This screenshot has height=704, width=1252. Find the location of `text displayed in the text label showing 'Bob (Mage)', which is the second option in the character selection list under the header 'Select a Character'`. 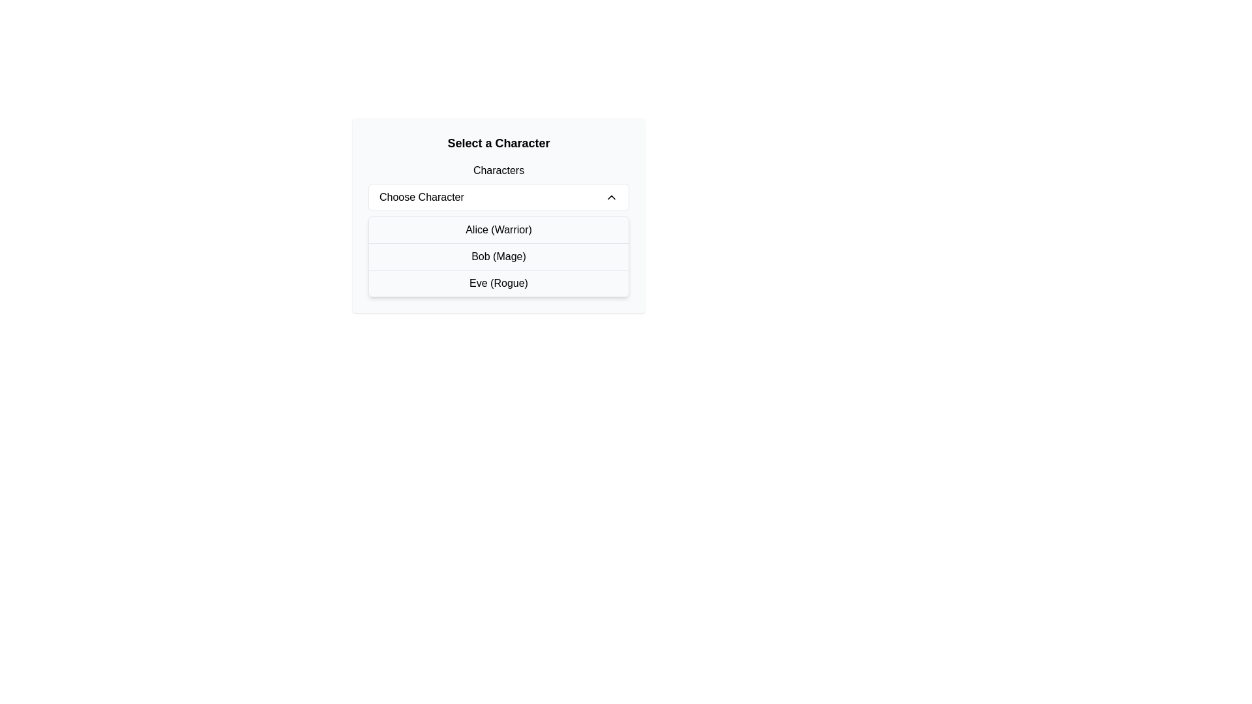

text displayed in the text label showing 'Bob (Mage)', which is the second option in the character selection list under the header 'Select a Character' is located at coordinates (498, 256).